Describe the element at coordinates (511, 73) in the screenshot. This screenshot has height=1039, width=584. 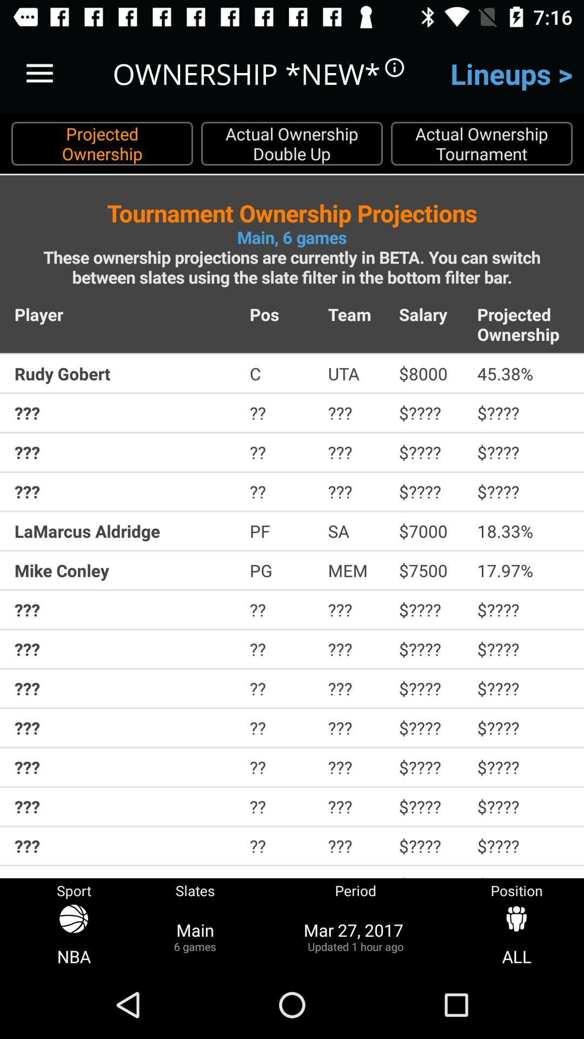
I see `the lineups > item` at that location.